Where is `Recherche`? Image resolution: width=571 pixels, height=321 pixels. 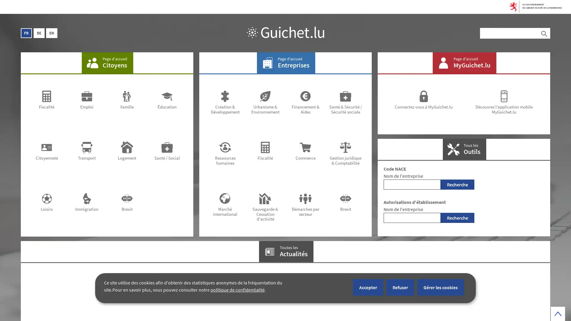 Recherche is located at coordinates (457, 218).